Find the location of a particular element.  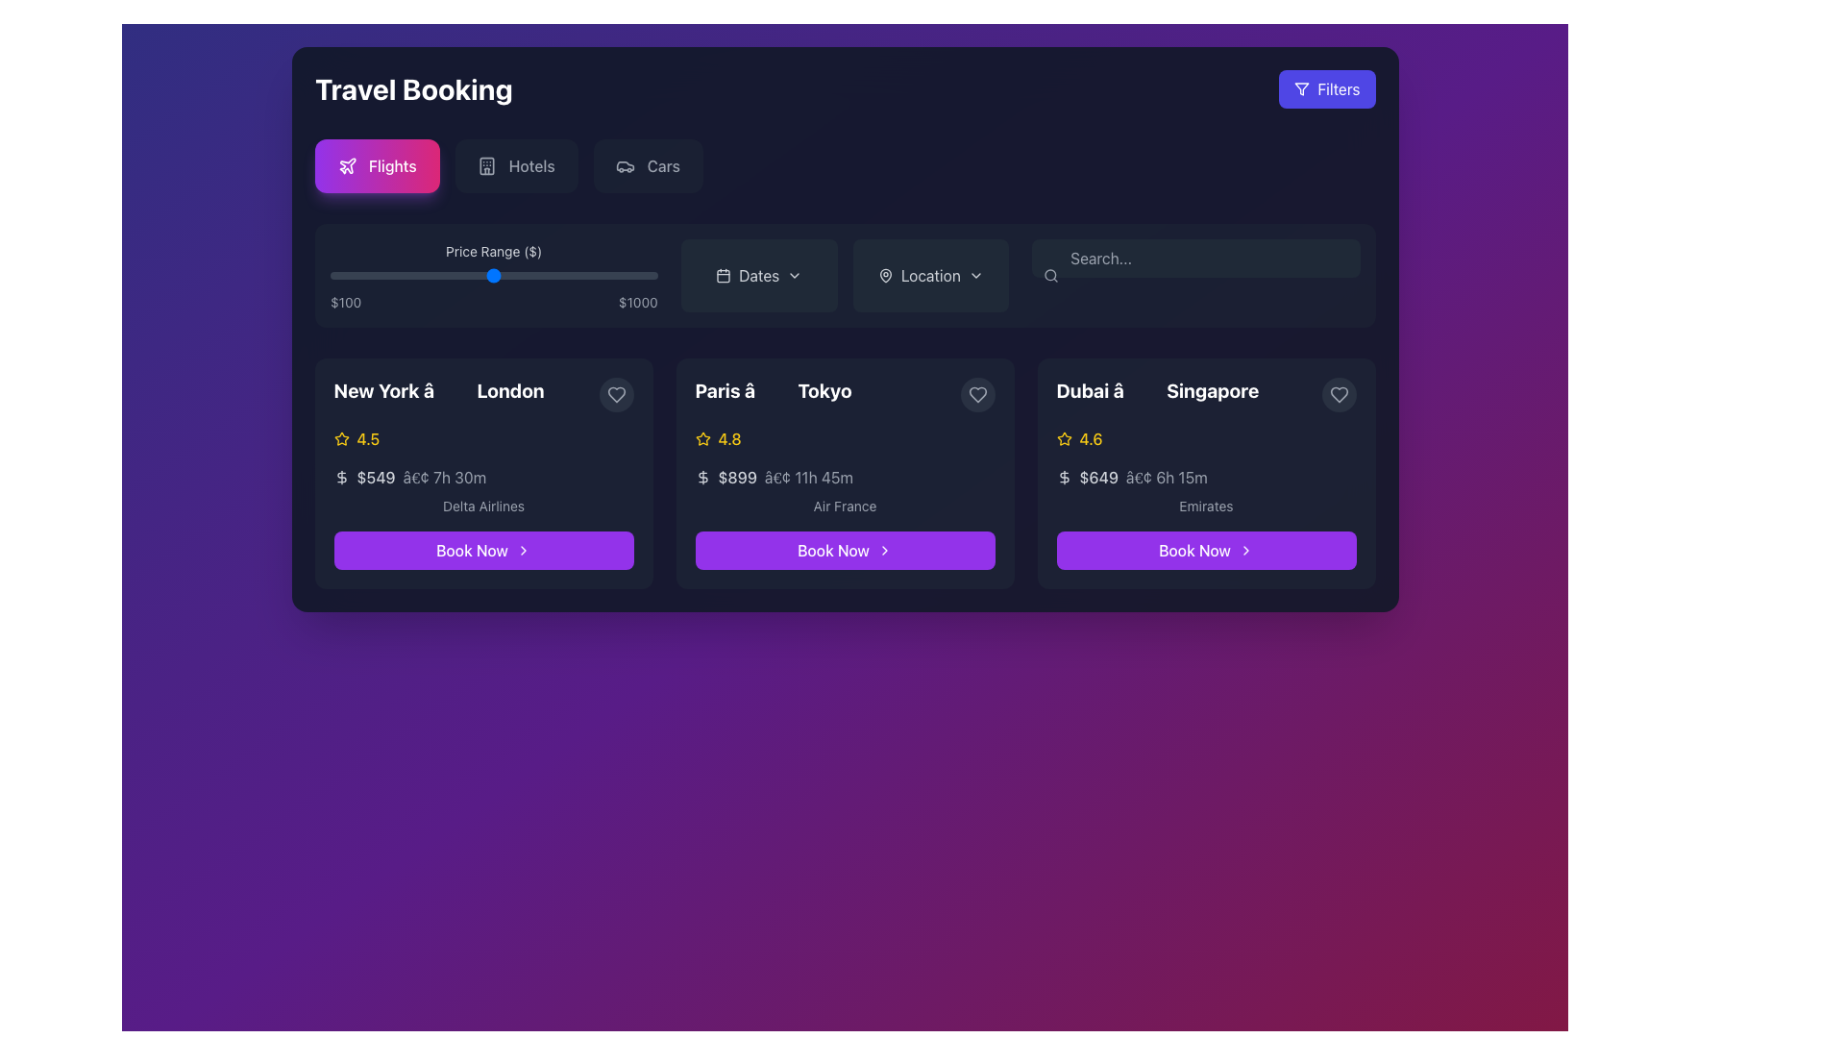

the downward-pointing chevron icon associated with the 'Dates' control is located at coordinates (795, 275).